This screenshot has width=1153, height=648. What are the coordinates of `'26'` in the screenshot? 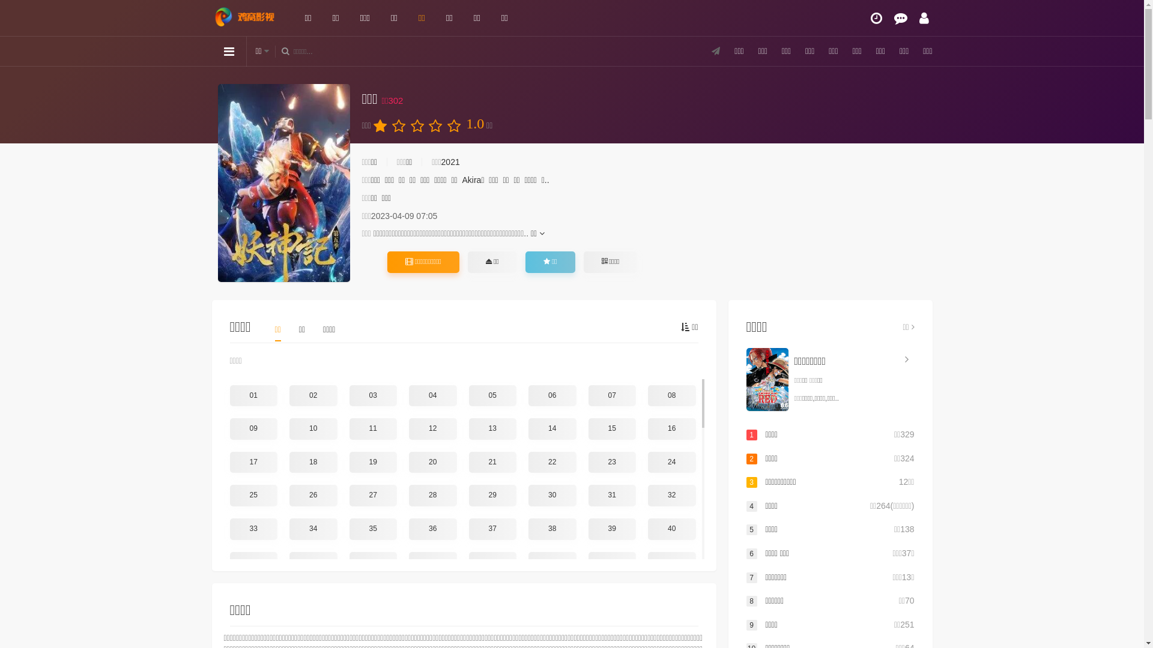 It's located at (313, 495).